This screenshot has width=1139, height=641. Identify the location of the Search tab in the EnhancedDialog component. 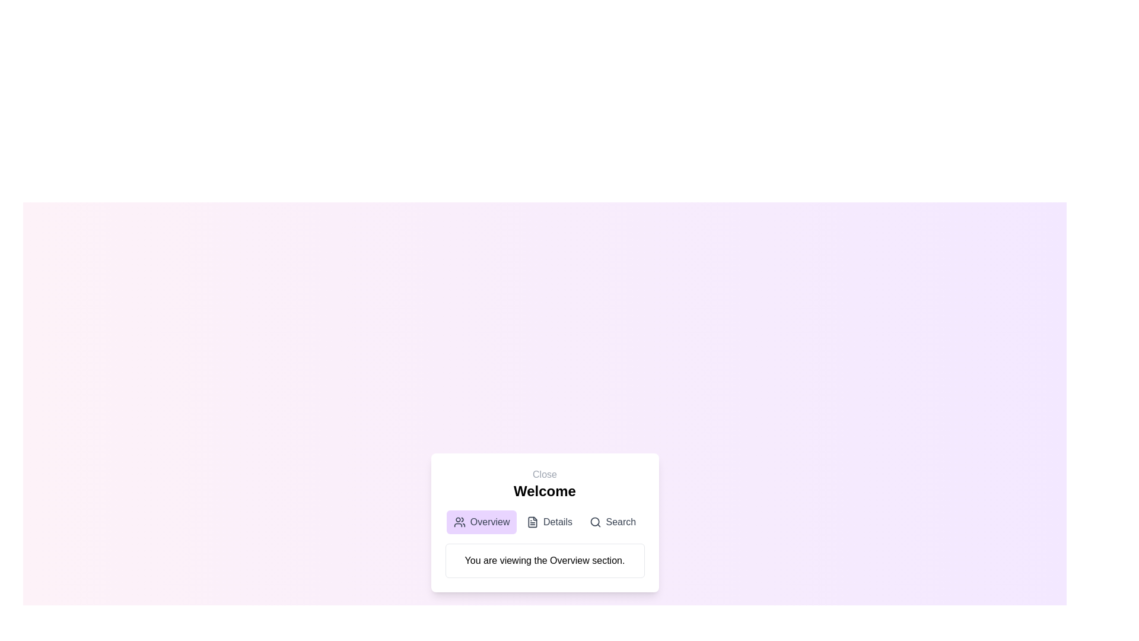
(612, 521).